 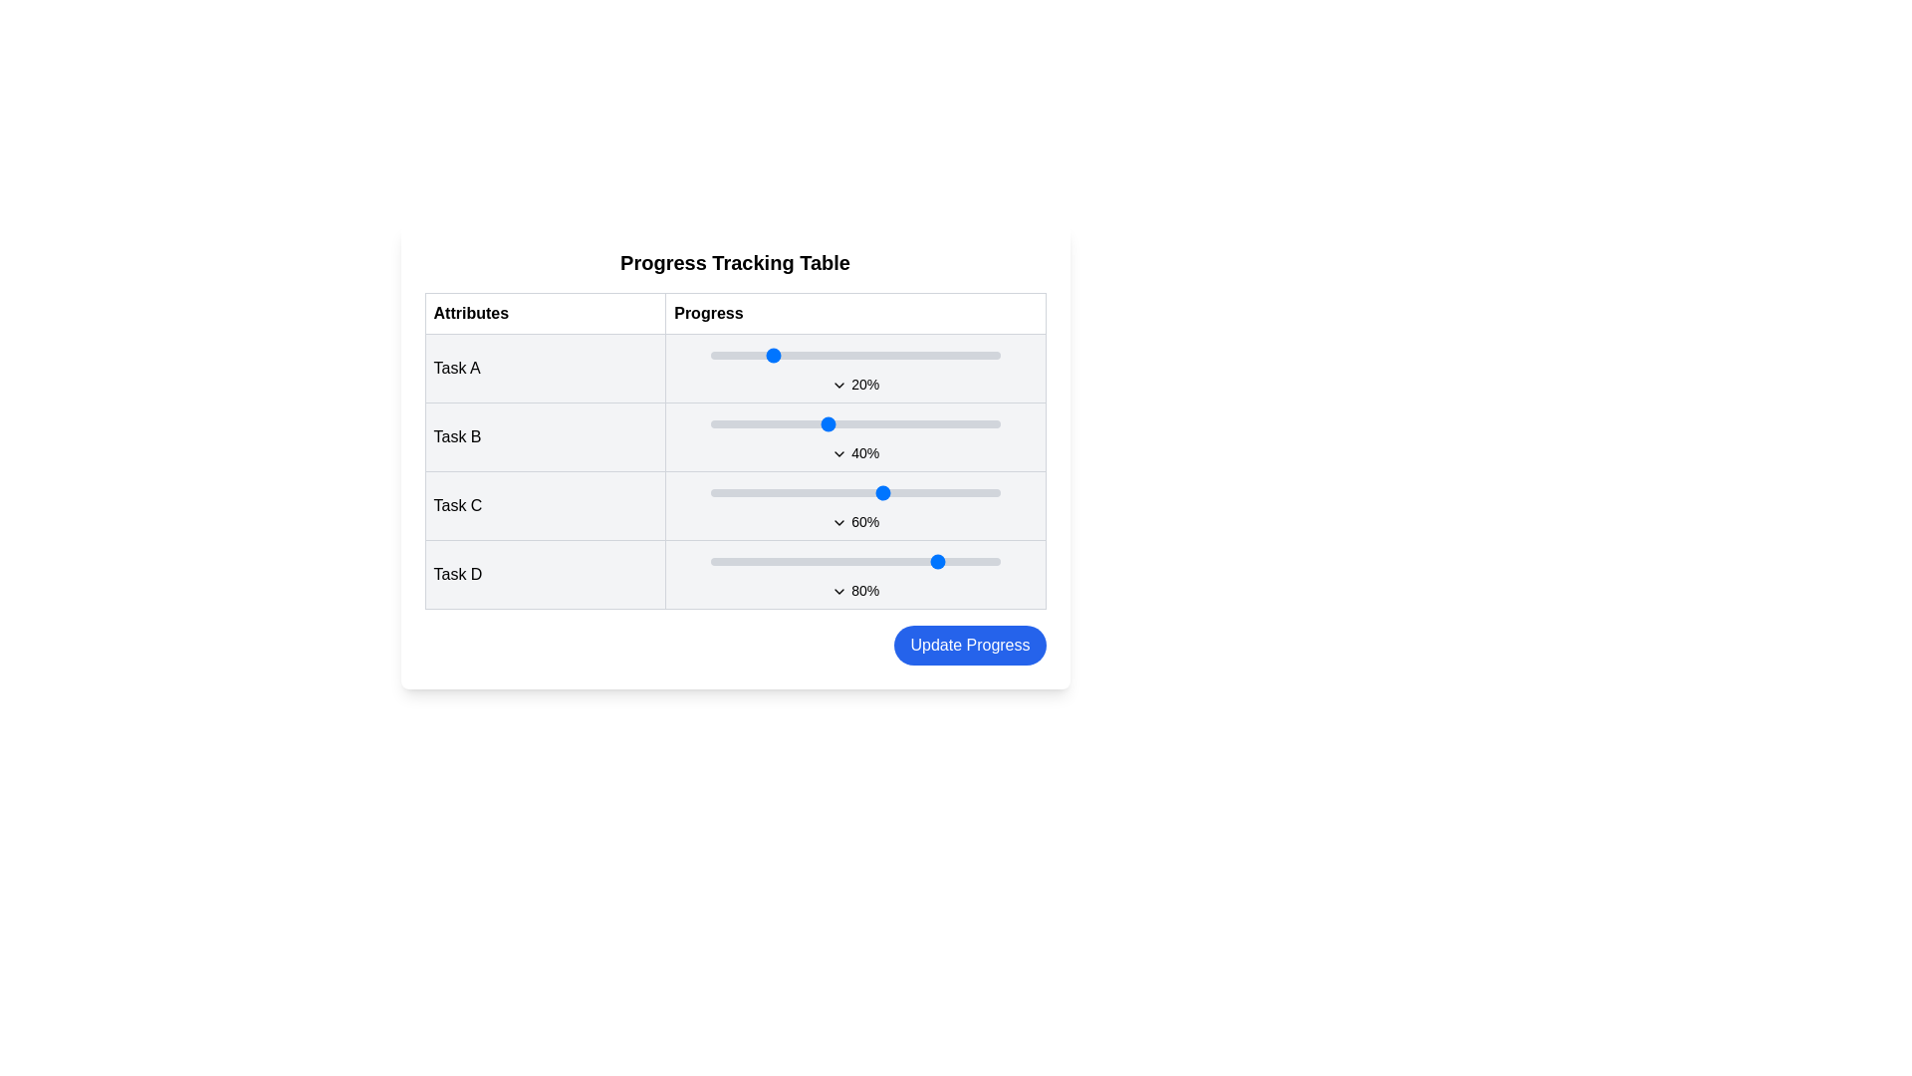 I want to click on progress, so click(x=897, y=422).